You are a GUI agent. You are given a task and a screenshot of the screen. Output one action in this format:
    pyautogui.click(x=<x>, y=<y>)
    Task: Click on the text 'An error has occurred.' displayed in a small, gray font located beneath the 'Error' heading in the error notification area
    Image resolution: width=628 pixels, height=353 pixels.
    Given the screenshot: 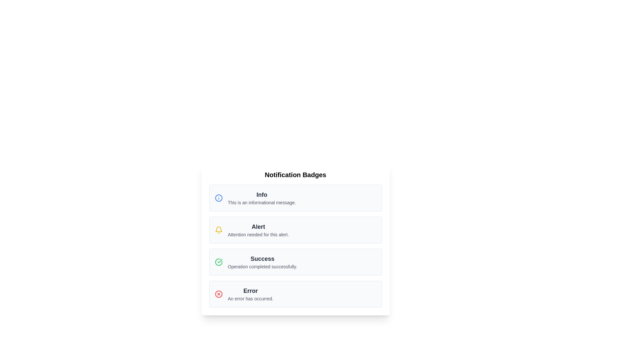 What is the action you would take?
    pyautogui.click(x=250, y=299)
    